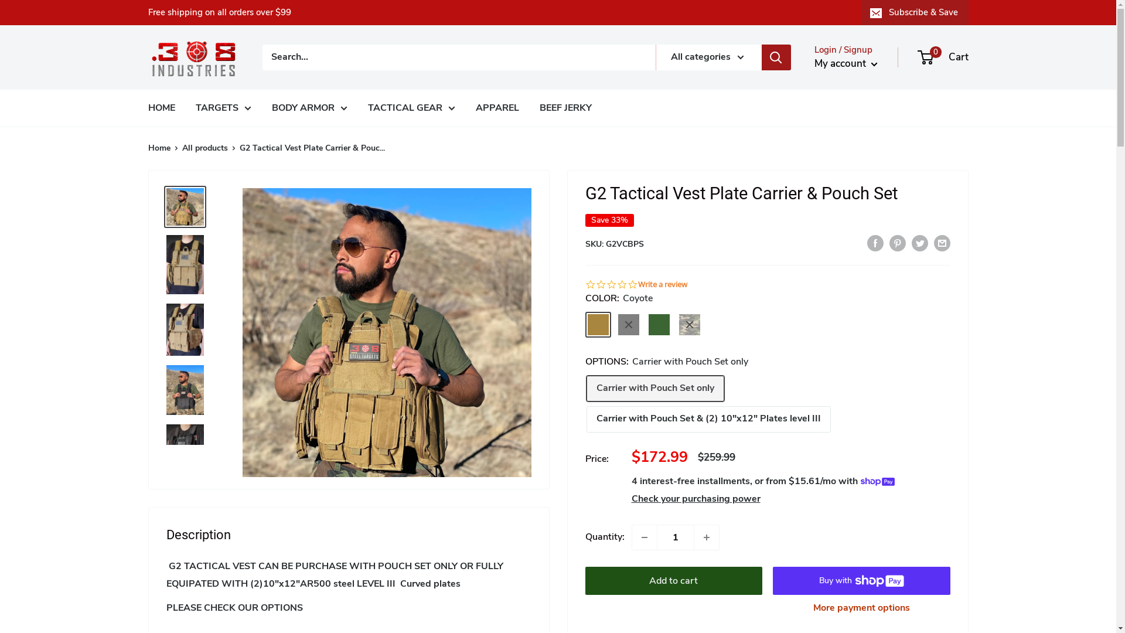 This screenshot has width=1125, height=633. What do you see at coordinates (673, 581) in the screenshot?
I see `'Add to cart'` at bounding box center [673, 581].